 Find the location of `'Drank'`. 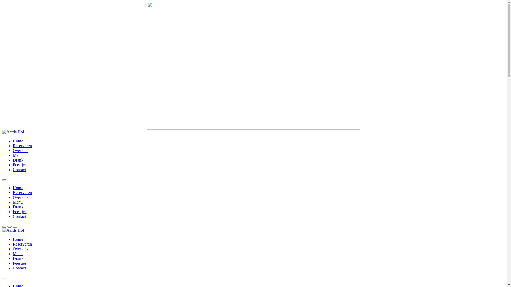

'Drank' is located at coordinates (18, 206).